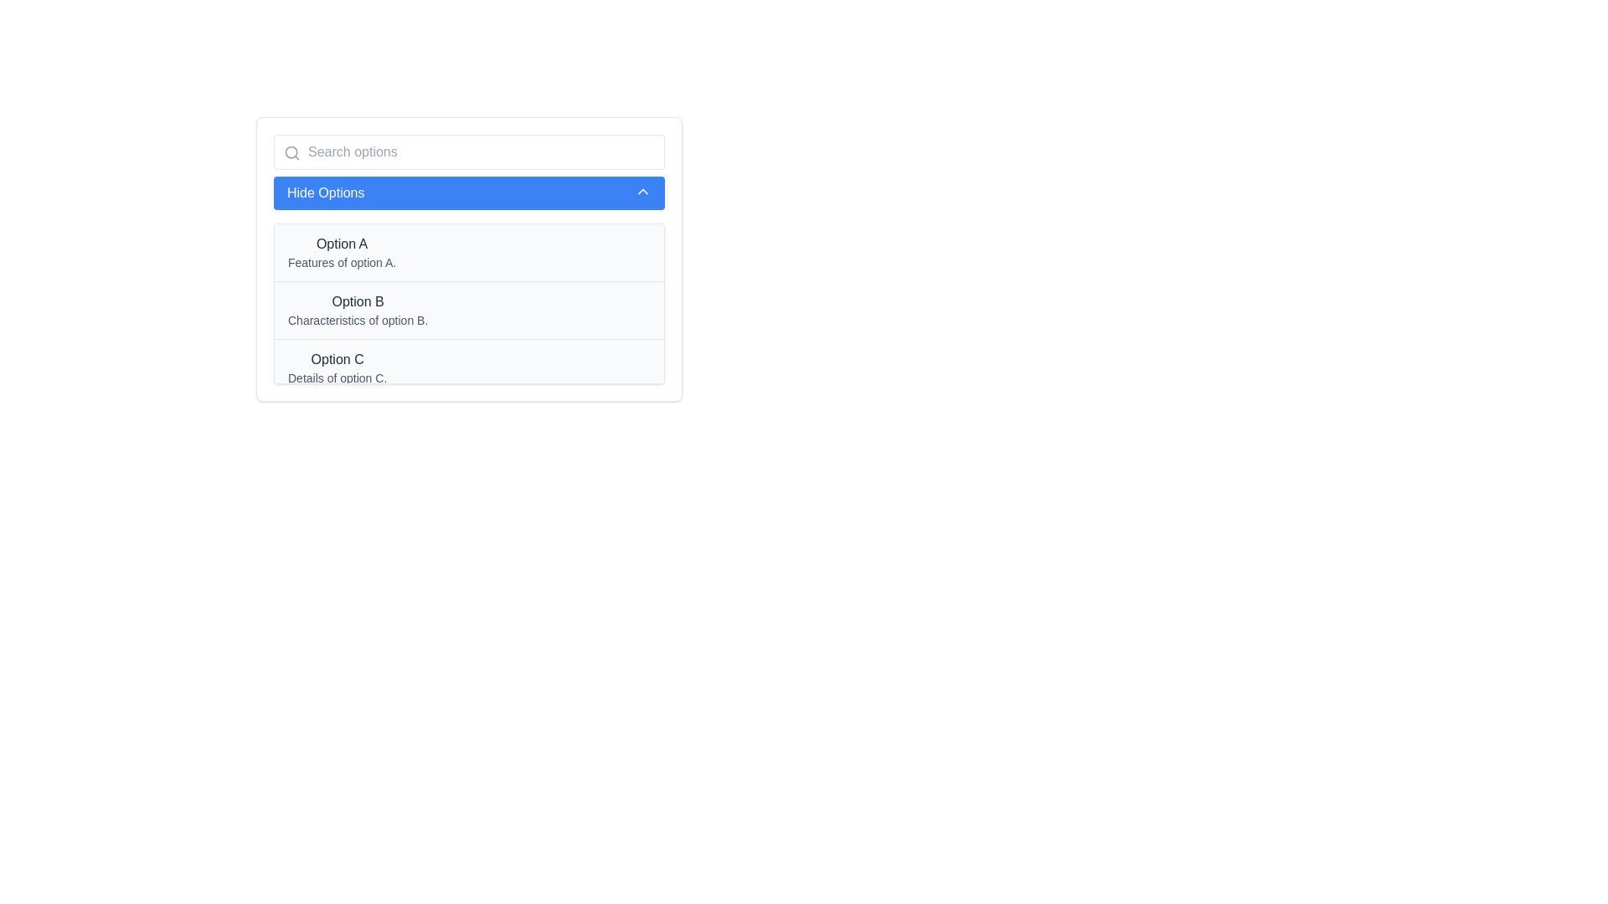 The width and height of the screenshot is (1608, 904). I want to click on the static text label for 'Option B', which serves as the label for the second option in the list, positioned above its description, so click(357, 302).